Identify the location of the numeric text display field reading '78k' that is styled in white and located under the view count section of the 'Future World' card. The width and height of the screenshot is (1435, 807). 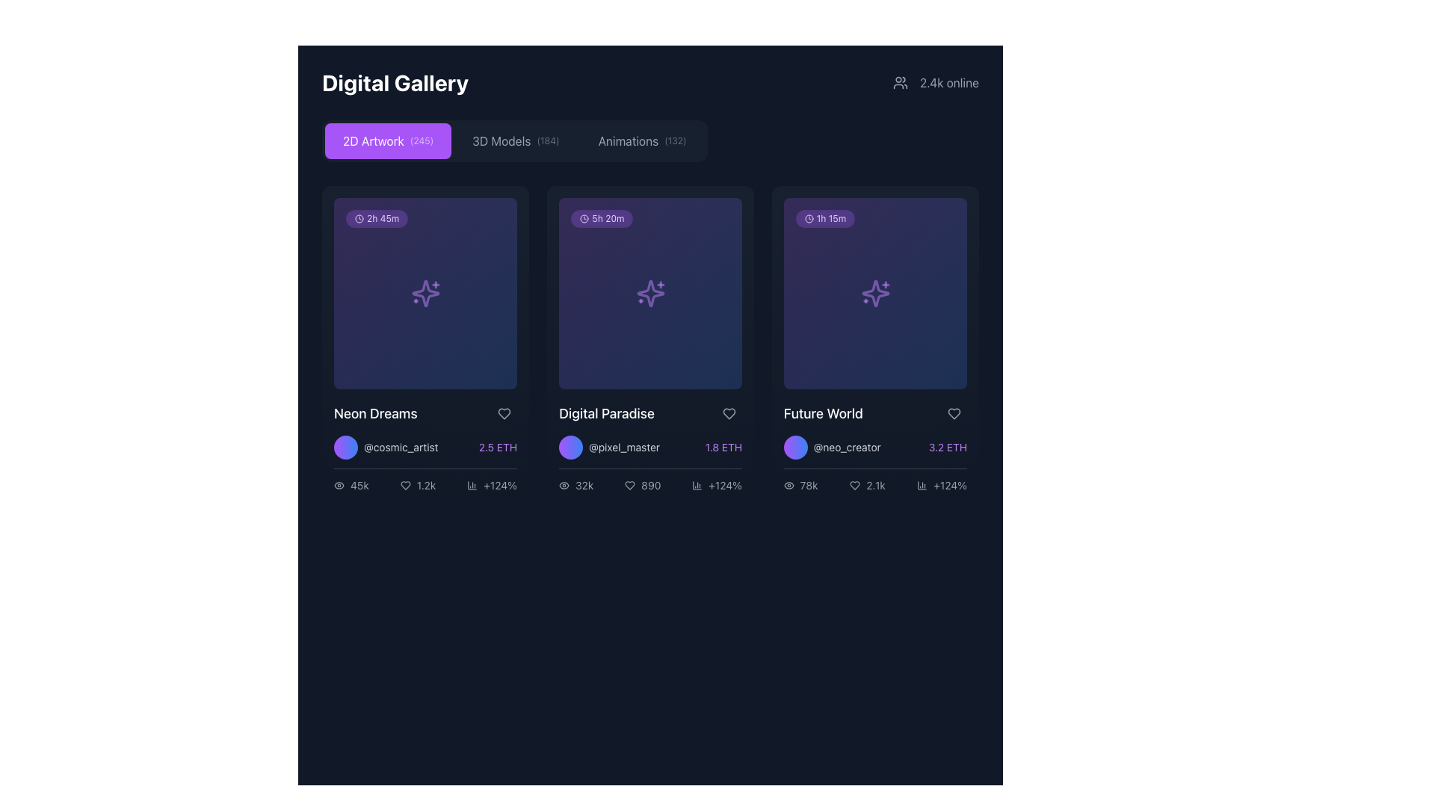
(808, 486).